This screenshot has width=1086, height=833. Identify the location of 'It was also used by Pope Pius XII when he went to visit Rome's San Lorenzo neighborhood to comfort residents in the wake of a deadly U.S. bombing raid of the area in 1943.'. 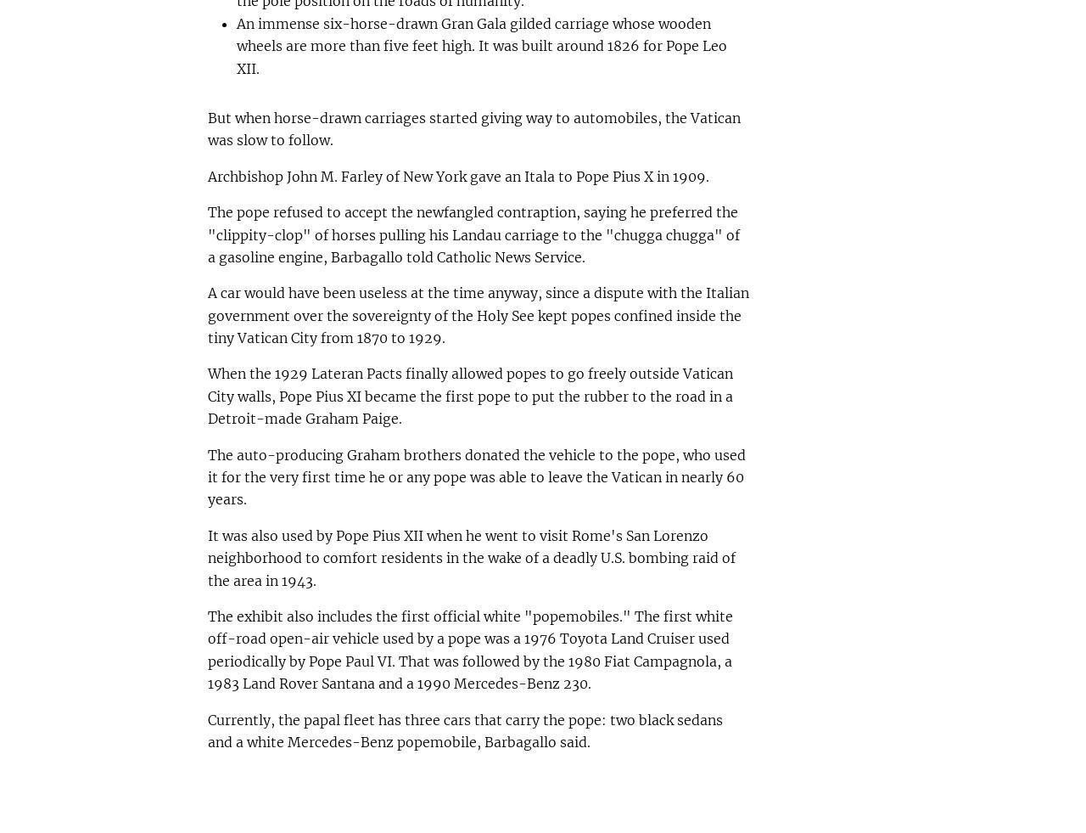
(205, 557).